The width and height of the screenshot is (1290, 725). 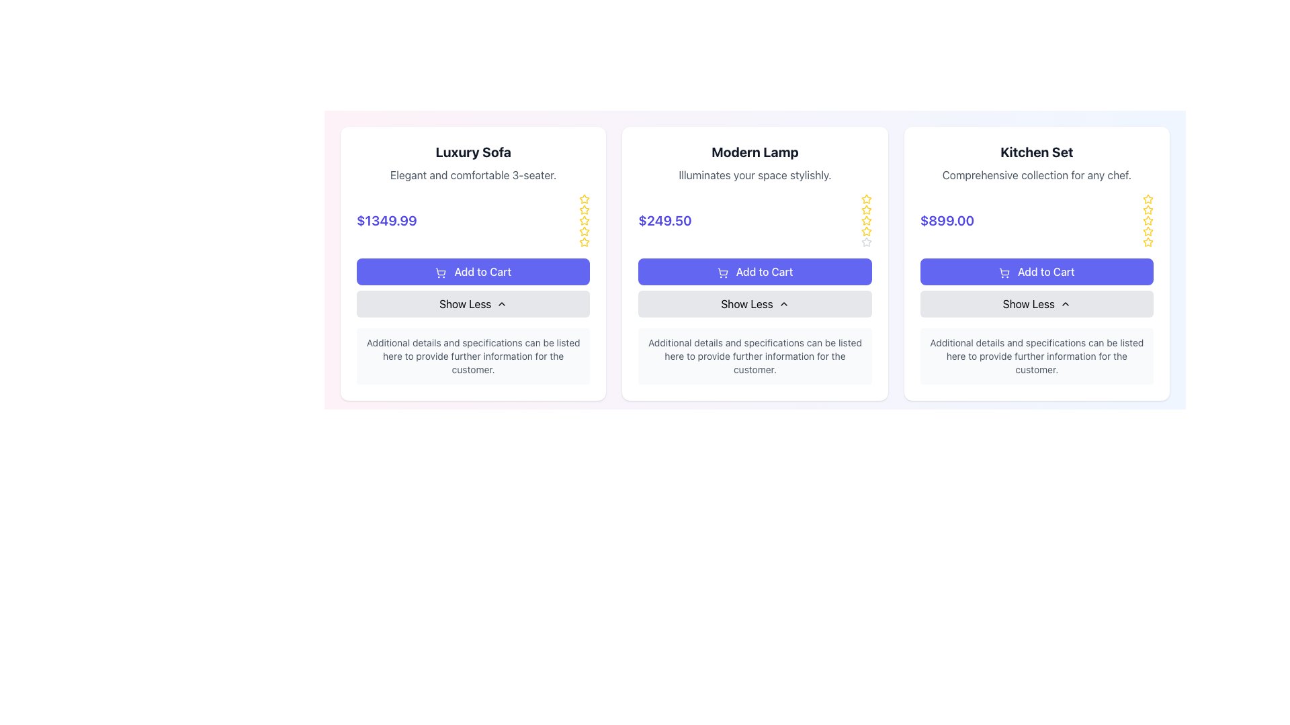 I want to click on the fourth yellow star icon located in the rightmost column of stars on a product card to rate or view details, so click(x=1147, y=220).